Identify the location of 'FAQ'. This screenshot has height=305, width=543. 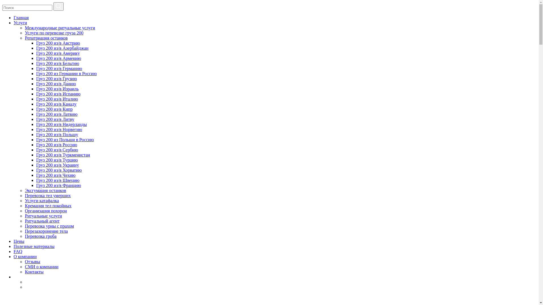
(18, 251).